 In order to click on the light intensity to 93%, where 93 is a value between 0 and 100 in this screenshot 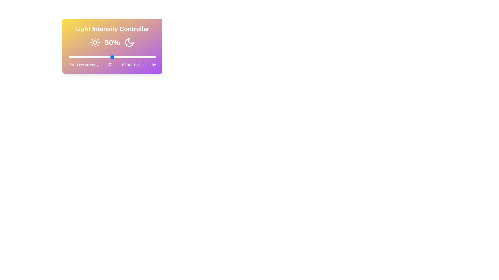, I will do `click(149, 57)`.